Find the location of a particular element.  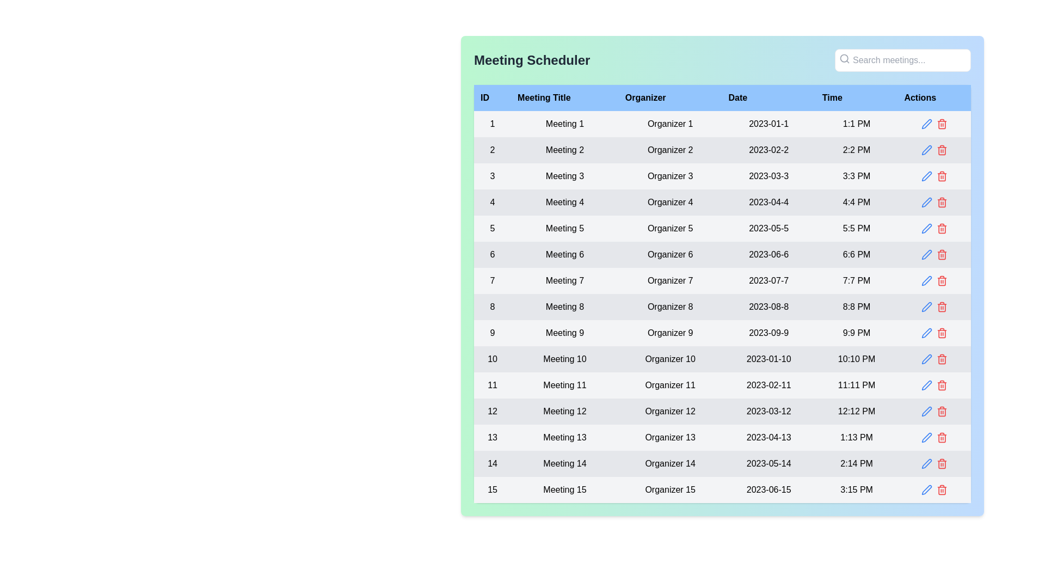

the Text label displaying the unique identifier (ID) for the 6th meeting in the first column of the table is located at coordinates (492, 254).